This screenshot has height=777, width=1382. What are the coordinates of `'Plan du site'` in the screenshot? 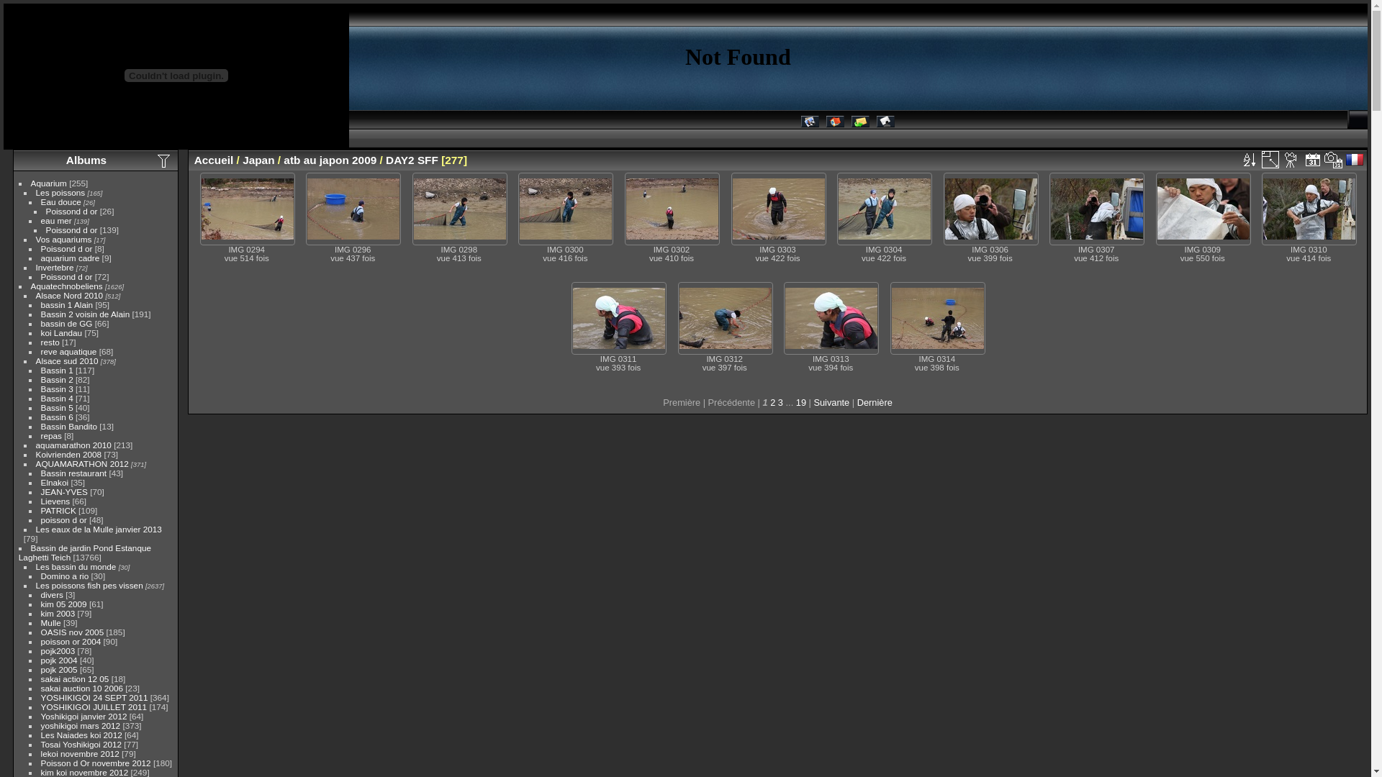 It's located at (885, 123).